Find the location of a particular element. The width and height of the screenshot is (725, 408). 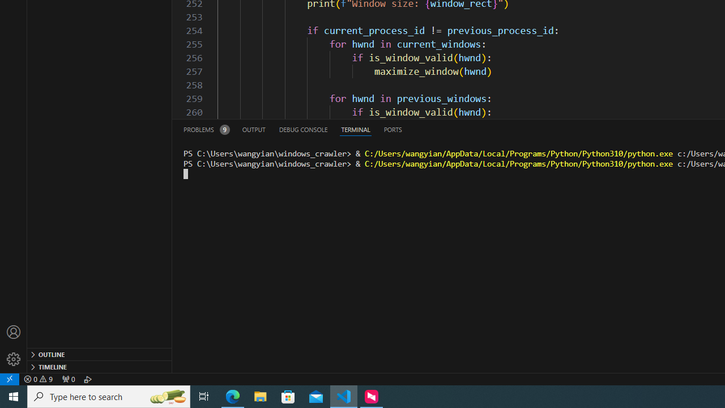

'Output (Ctrl+Shift+U)' is located at coordinates (253, 129).